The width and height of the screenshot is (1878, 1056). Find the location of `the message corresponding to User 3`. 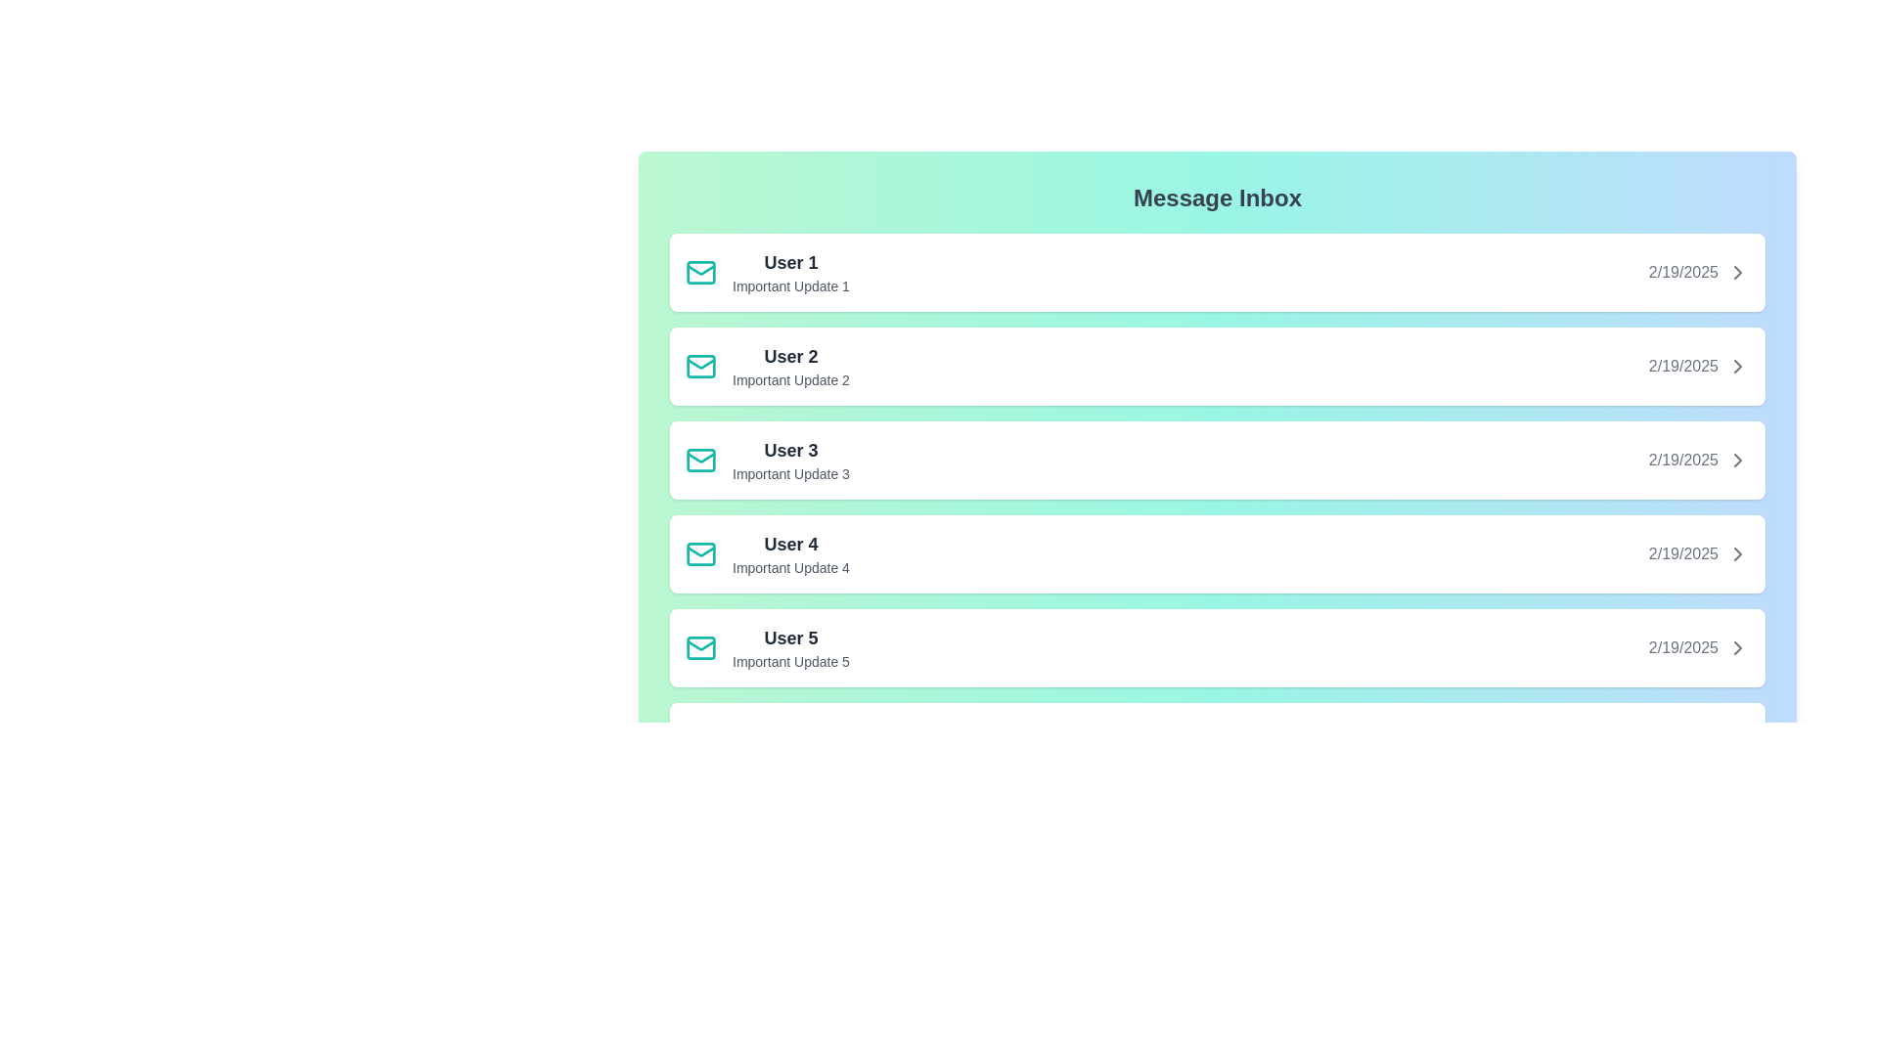

the message corresponding to User 3 is located at coordinates (1216, 460).